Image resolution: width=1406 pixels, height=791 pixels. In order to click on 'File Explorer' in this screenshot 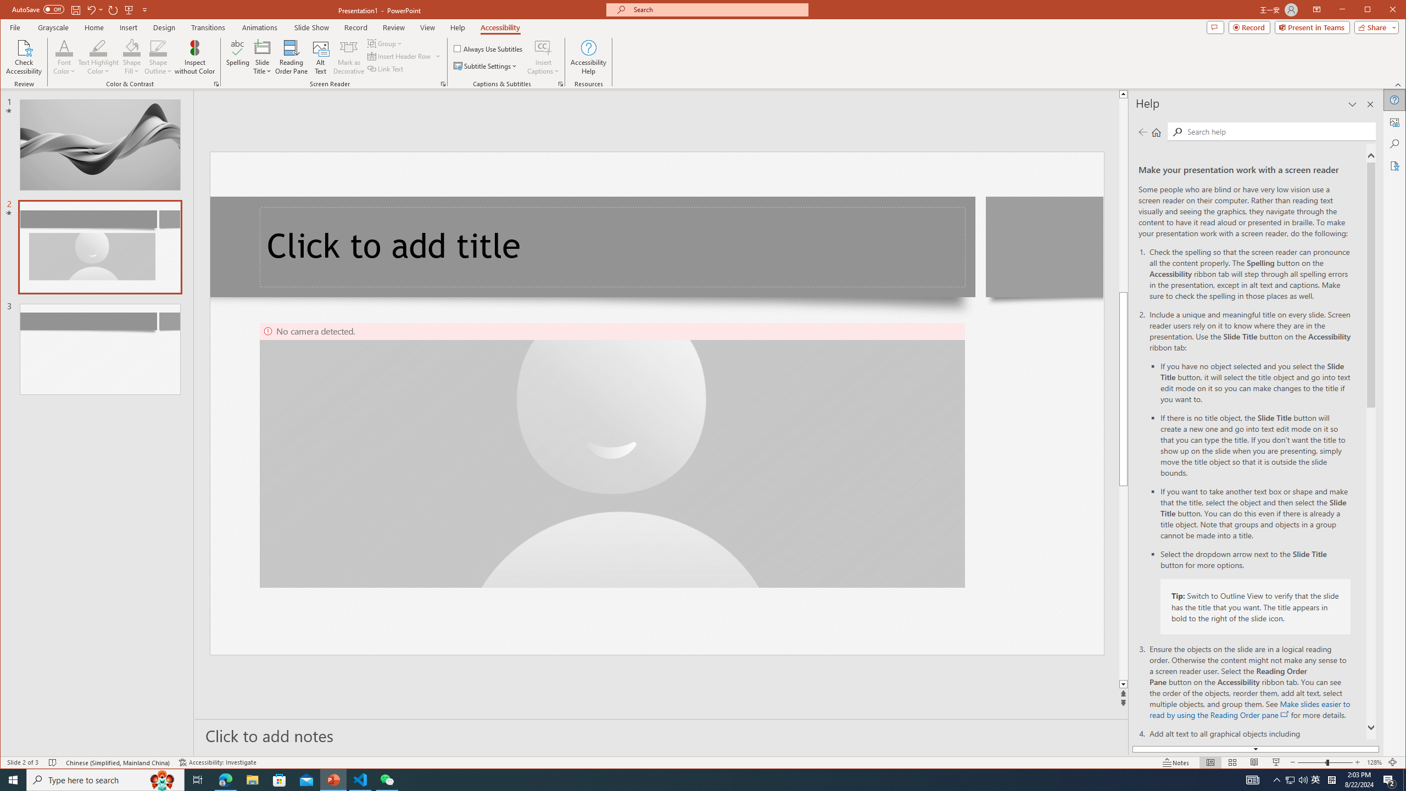, I will do `click(252, 779)`.